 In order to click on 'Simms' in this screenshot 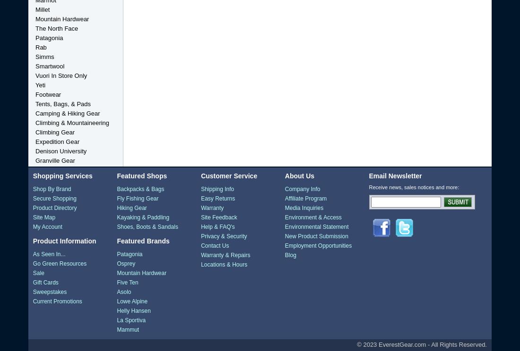, I will do `click(44, 56)`.